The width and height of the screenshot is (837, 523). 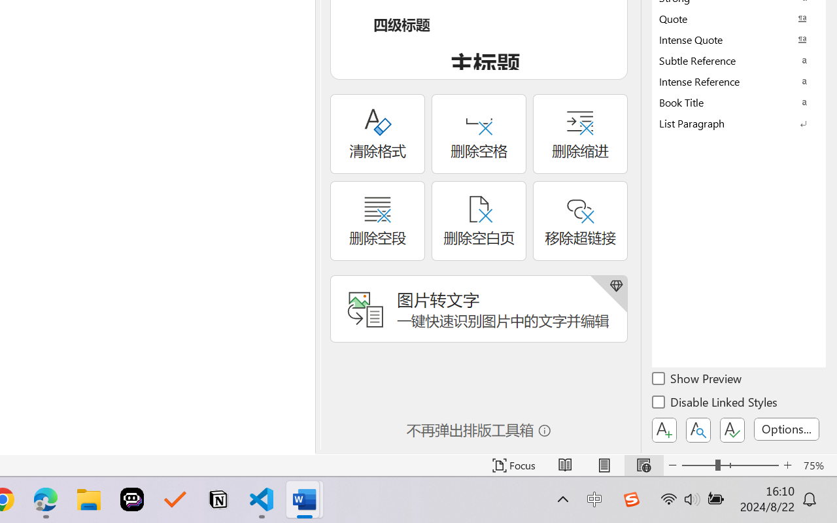 What do you see at coordinates (786, 428) in the screenshot?
I see `'Options...'` at bounding box center [786, 428].